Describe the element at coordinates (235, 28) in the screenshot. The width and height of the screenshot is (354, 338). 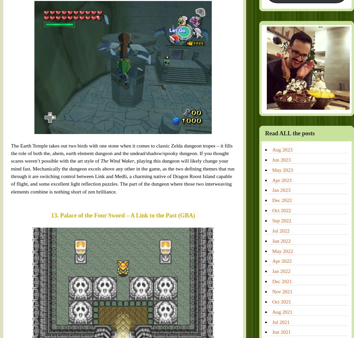
I see `'May 2023'` at that location.